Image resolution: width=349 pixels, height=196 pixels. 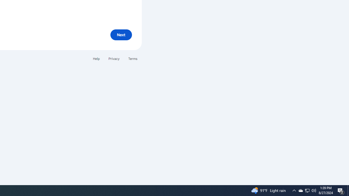 What do you see at coordinates (113, 59) in the screenshot?
I see `'Privacy'` at bounding box center [113, 59].